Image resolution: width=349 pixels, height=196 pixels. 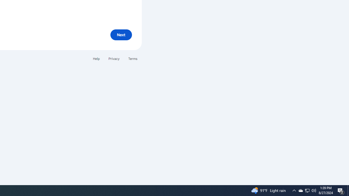 What do you see at coordinates (113, 59) in the screenshot?
I see `'Privacy'` at bounding box center [113, 59].